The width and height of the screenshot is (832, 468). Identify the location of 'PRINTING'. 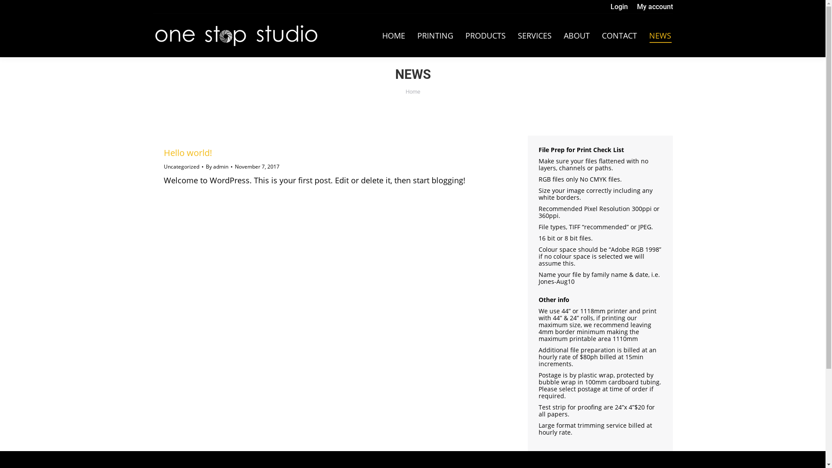
(435, 35).